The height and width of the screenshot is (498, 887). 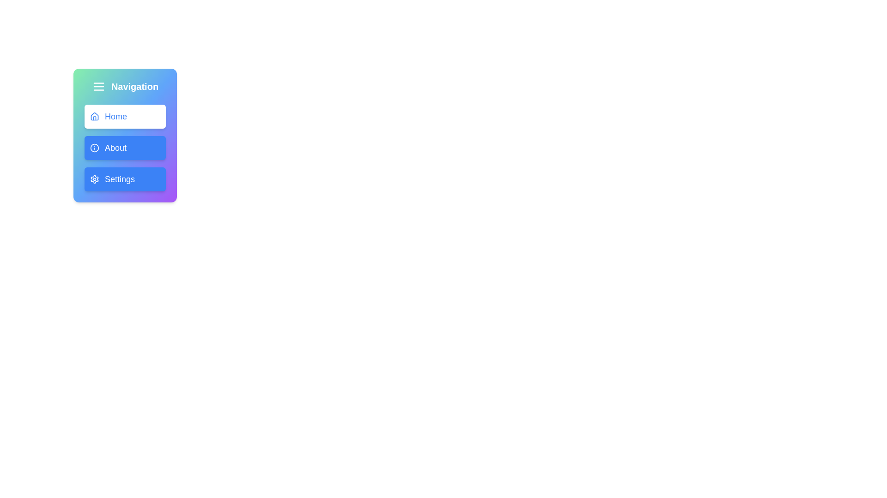 What do you see at coordinates (98, 87) in the screenshot?
I see `the hamburger menu icon button located at the top left of the navigation panel` at bounding box center [98, 87].